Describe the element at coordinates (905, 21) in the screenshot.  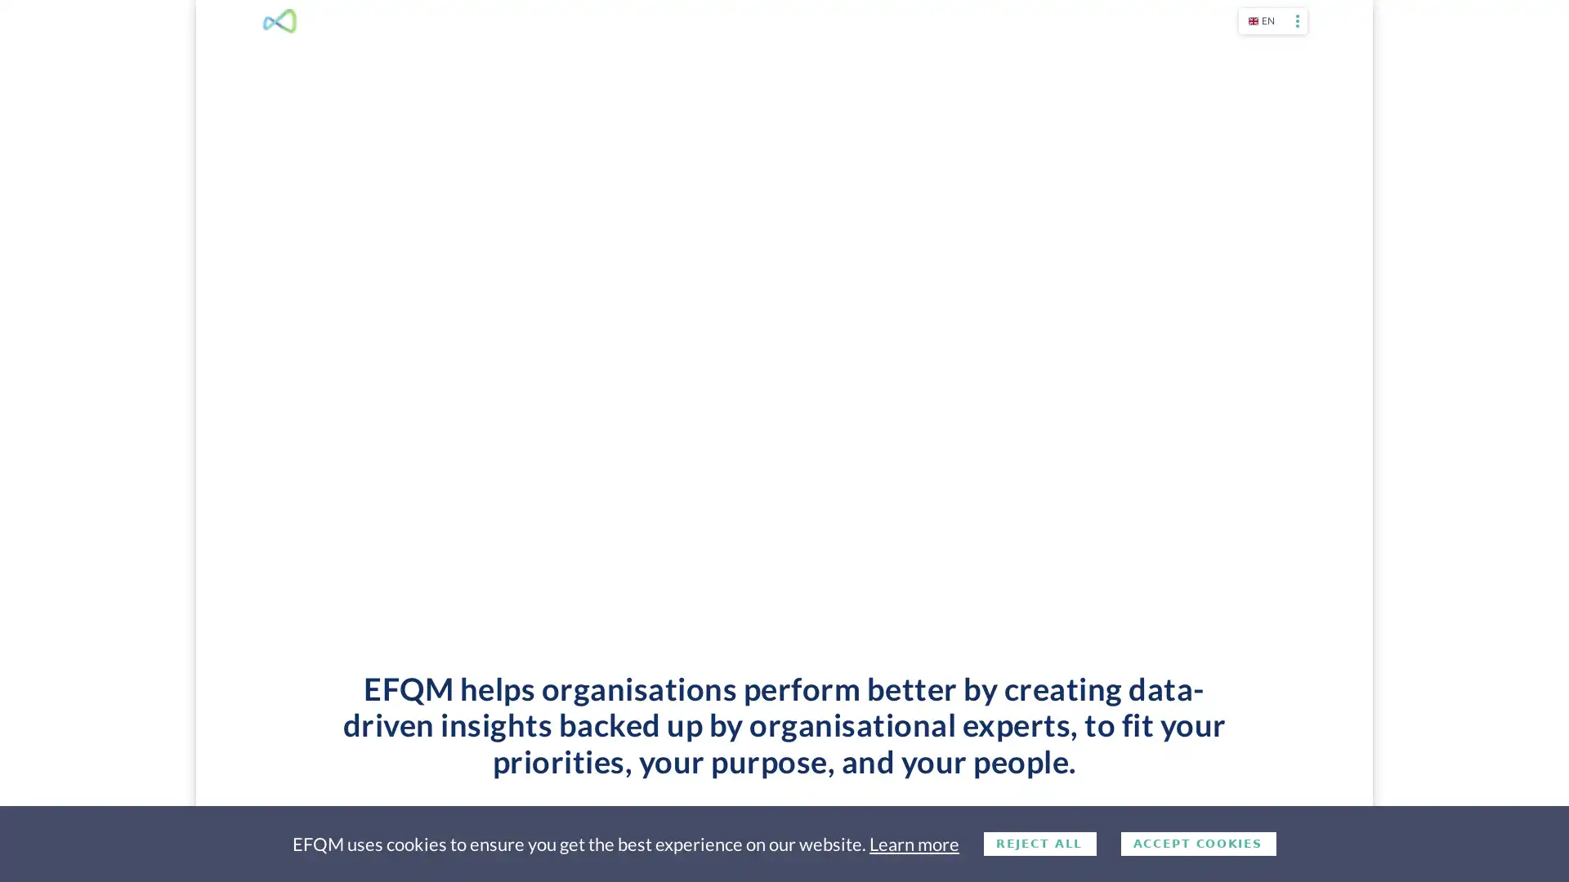
I see `CALENDAR` at that location.